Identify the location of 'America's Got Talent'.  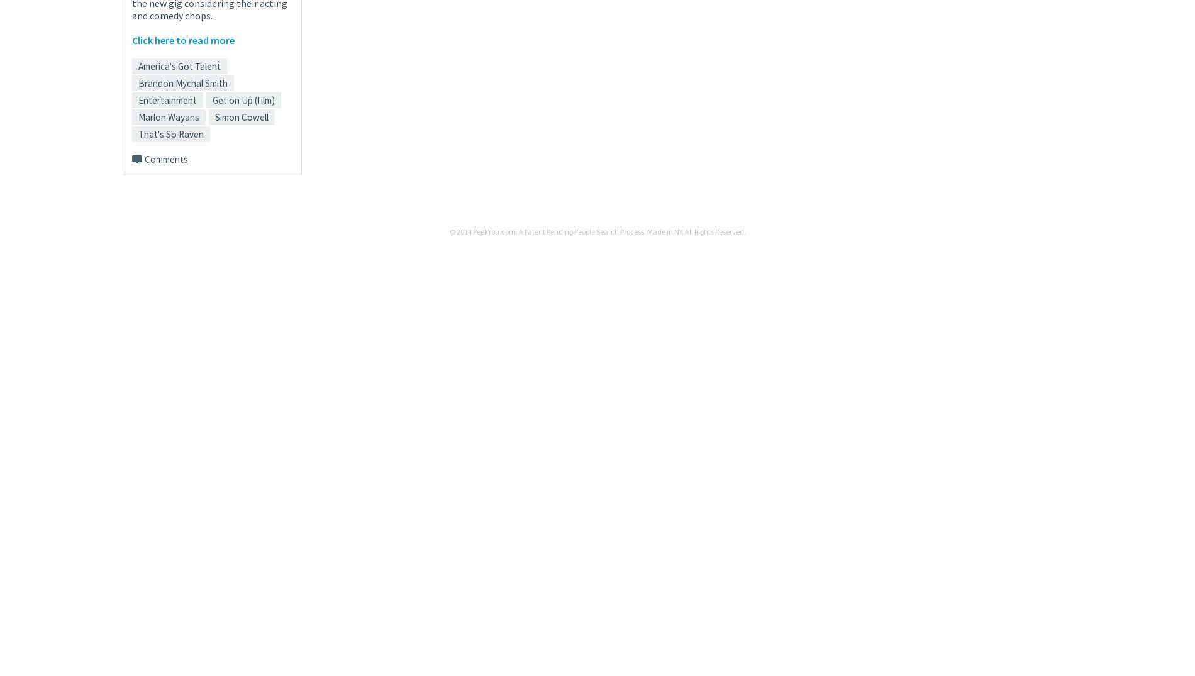
(179, 65).